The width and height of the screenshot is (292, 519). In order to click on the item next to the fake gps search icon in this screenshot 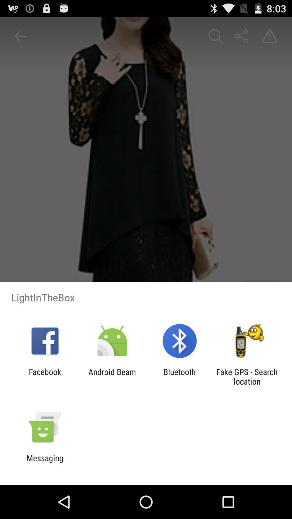, I will do `click(180, 376)`.